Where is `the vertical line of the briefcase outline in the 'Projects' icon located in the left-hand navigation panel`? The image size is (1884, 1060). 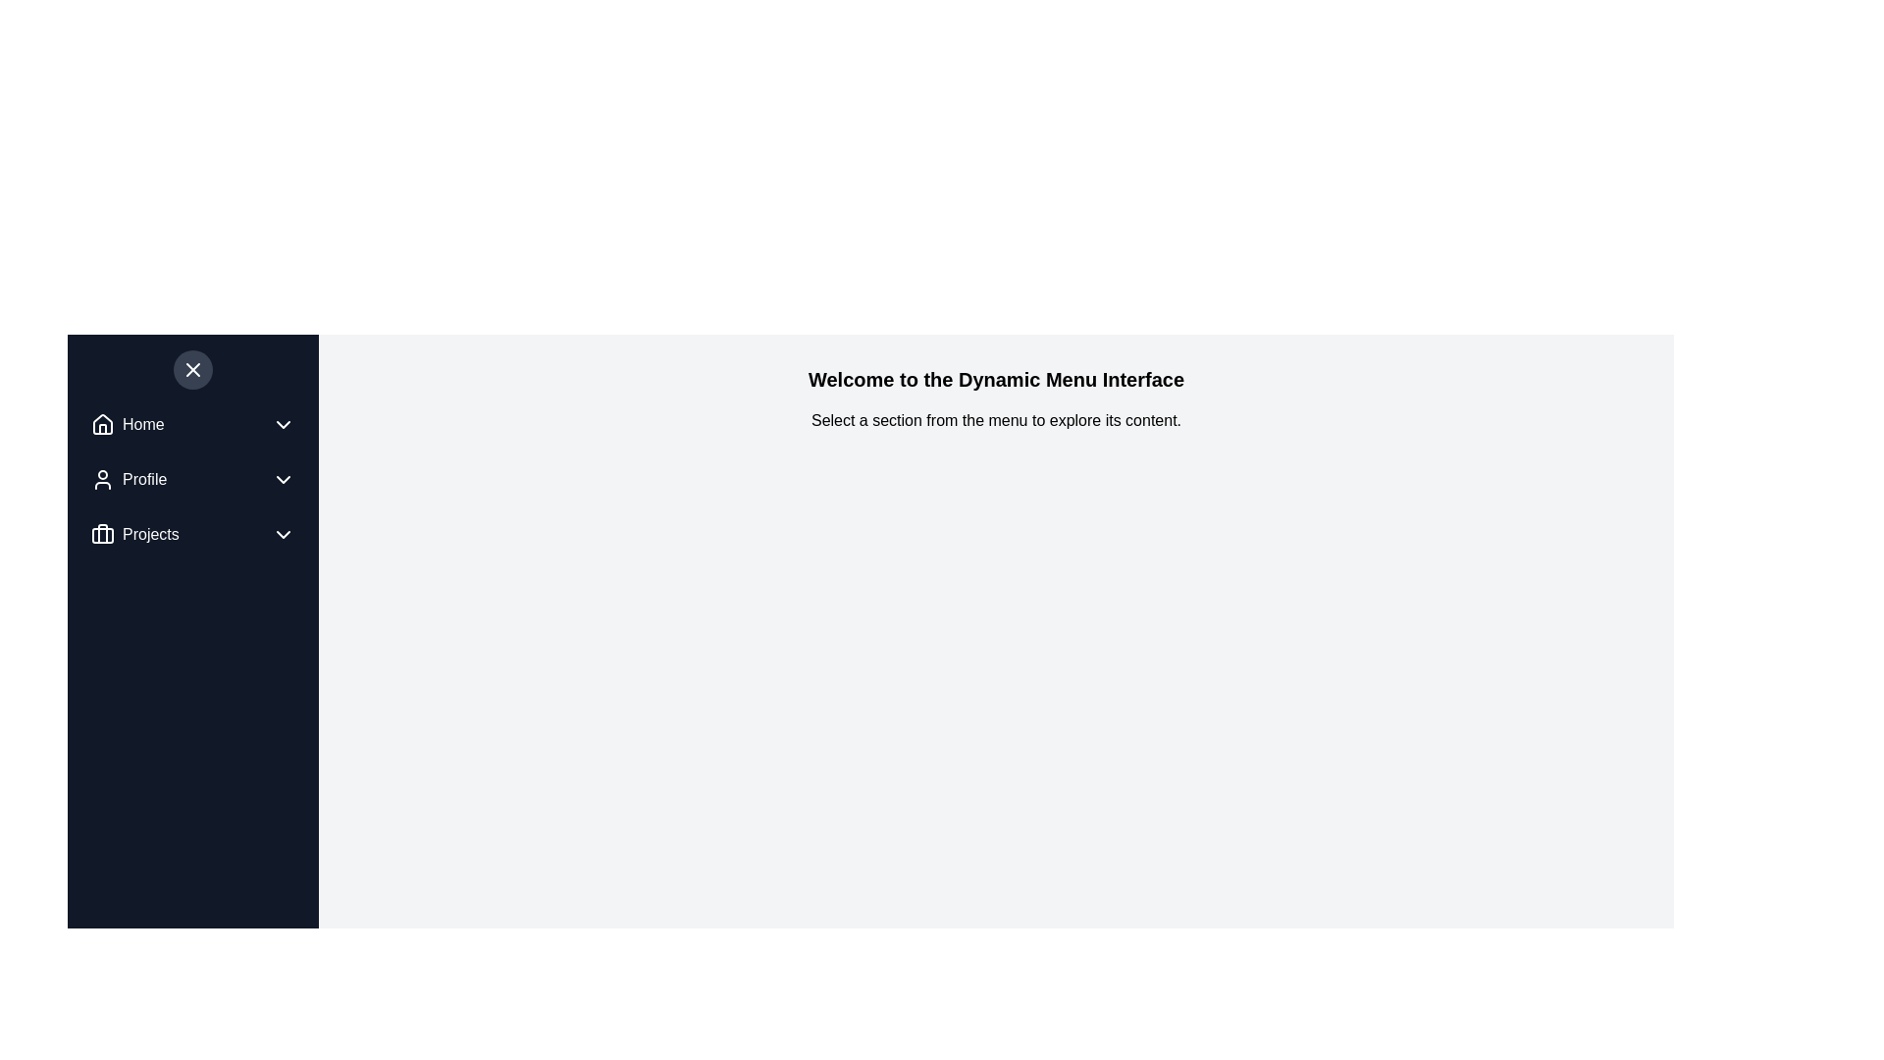 the vertical line of the briefcase outline in the 'Projects' icon located in the left-hand navigation panel is located at coordinates (102, 533).